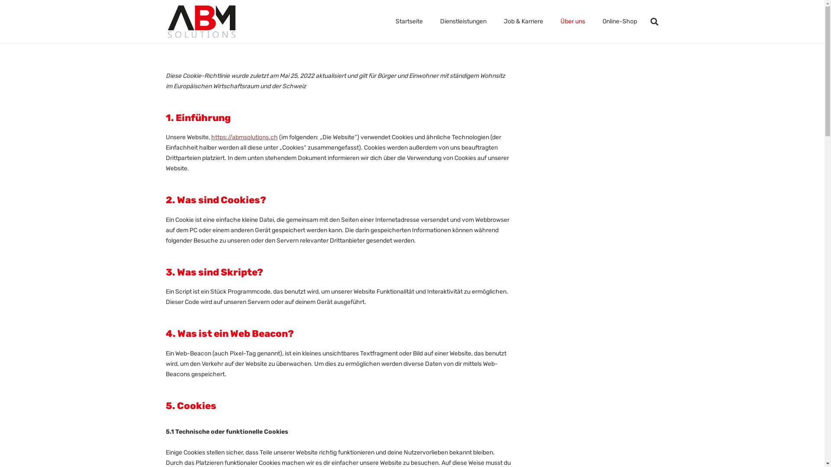 The image size is (831, 467). Describe the element at coordinates (523, 21) in the screenshot. I see `'Job & Karriere'` at that location.